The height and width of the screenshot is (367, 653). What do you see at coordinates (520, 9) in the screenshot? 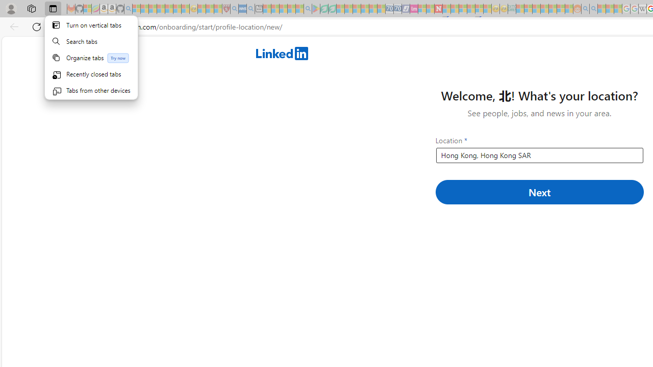
I see `'MSNBC - MSN - Sleeping'` at bounding box center [520, 9].